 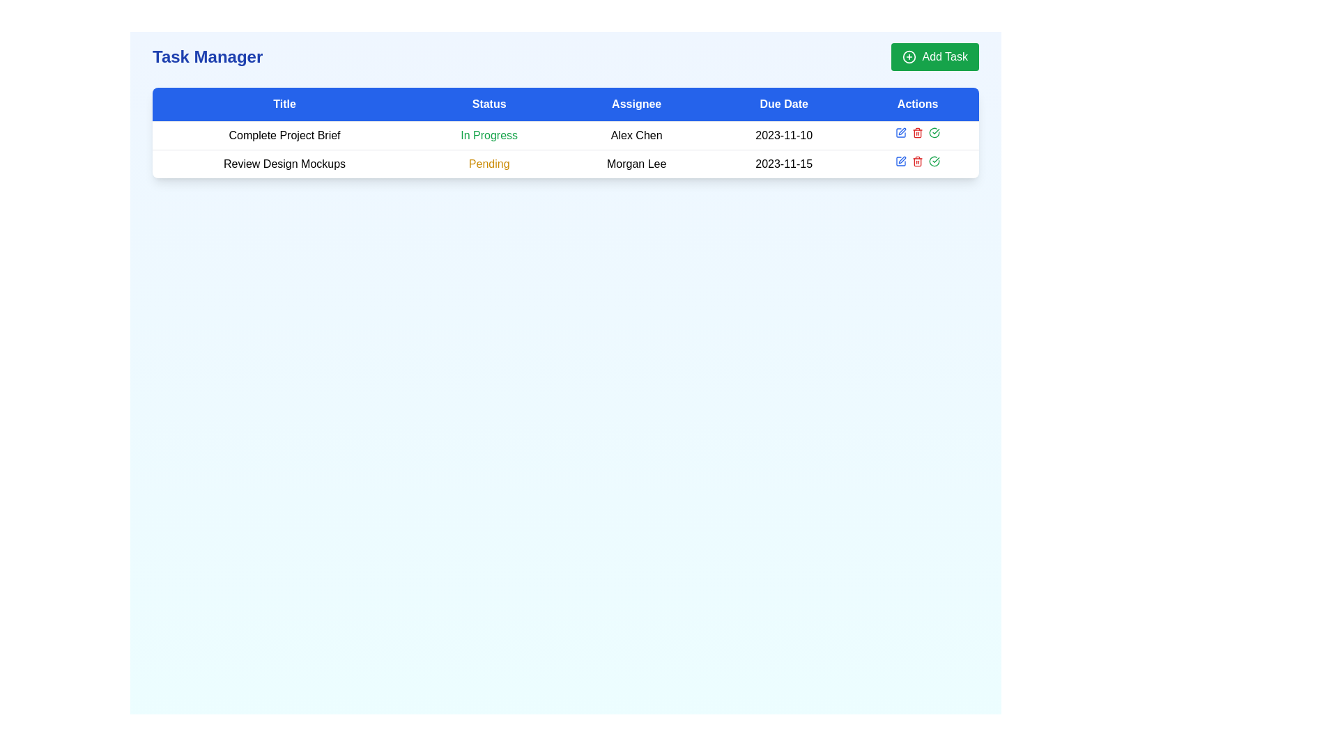 What do you see at coordinates (207, 56) in the screenshot?
I see `header text element labeled 'Task Manager', which is positioned at the top left corner of the interface` at bounding box center [207, 56].